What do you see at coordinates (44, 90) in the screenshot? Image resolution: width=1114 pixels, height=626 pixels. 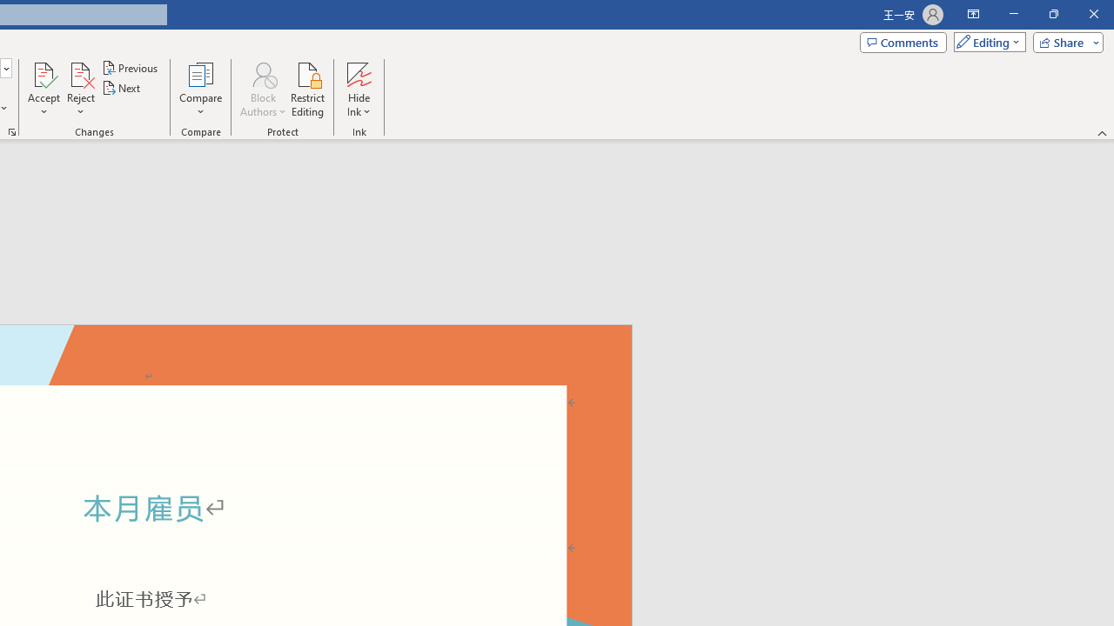 I see `'Accept'` at bounding box center [44, 90].